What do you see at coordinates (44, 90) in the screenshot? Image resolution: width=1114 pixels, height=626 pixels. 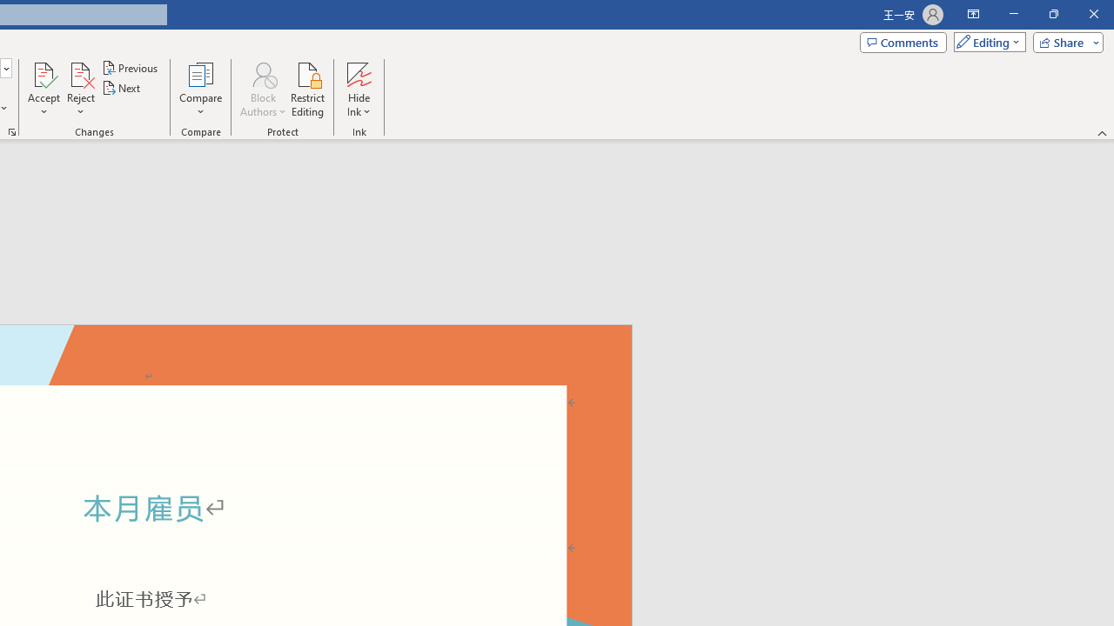 I see `'Accept'` at bounding box center [44, 90].